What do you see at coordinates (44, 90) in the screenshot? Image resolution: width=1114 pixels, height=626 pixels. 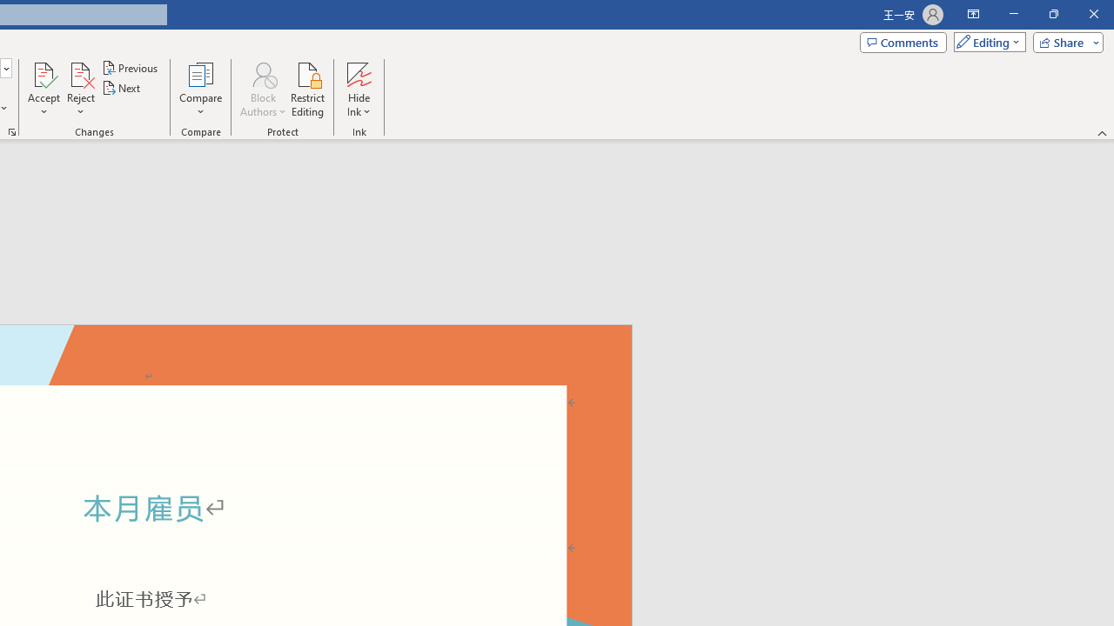 I see `'Accept'` at bounding box center [44, 90].